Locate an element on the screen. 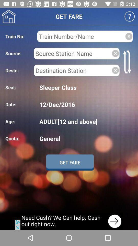 The height and width of the screenshot is (246, 138). close is located at coordinates (115, 70).